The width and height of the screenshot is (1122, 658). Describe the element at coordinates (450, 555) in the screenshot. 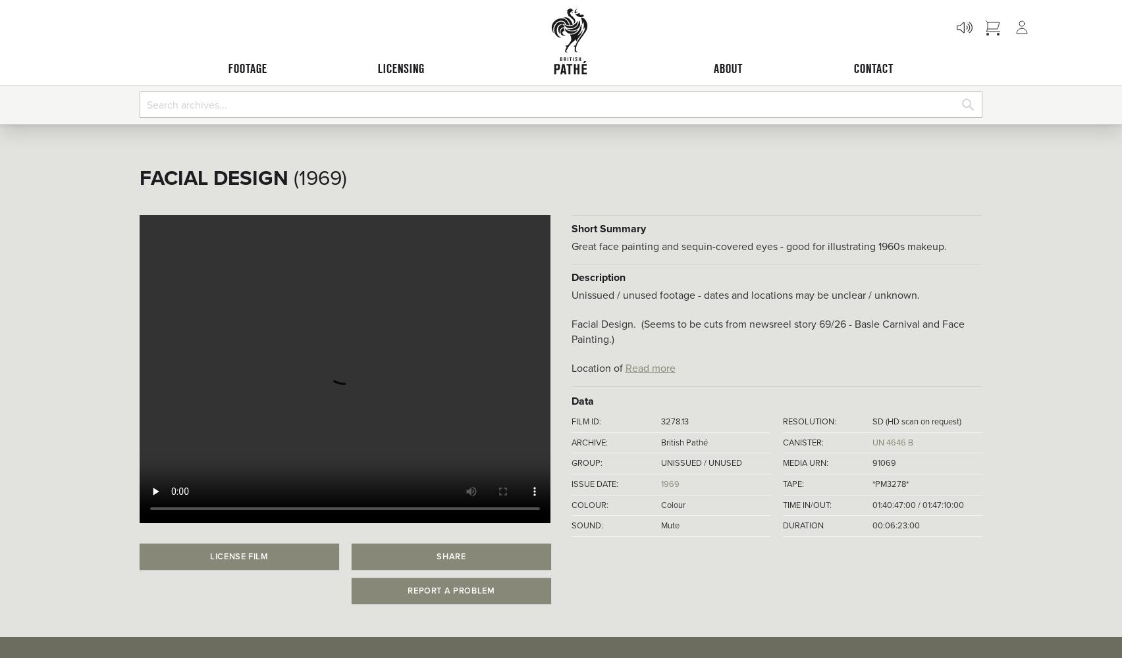

I see `'SHARE'` at that location.